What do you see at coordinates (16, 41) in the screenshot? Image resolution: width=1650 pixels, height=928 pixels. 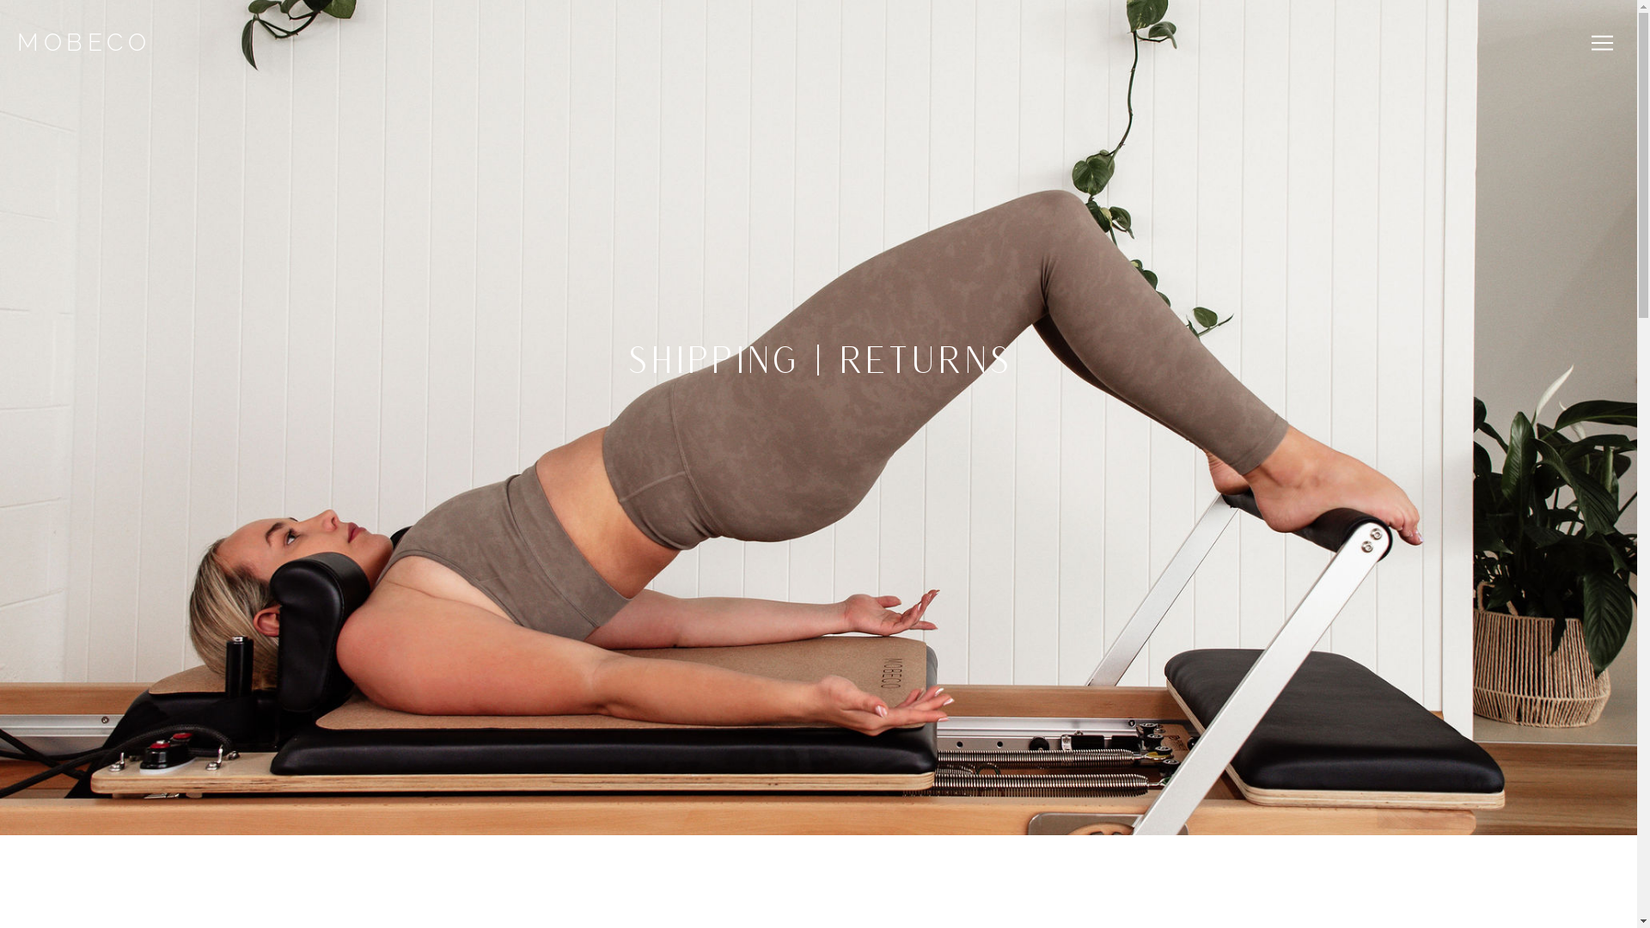 I see `'MOBECO'` at bounding box center [16, 41].